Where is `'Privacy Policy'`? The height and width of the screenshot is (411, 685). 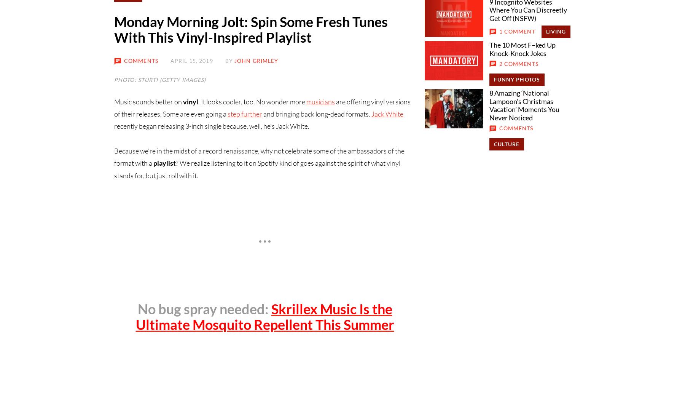
'Privacy Policy' is located at coordinates (283, 184).